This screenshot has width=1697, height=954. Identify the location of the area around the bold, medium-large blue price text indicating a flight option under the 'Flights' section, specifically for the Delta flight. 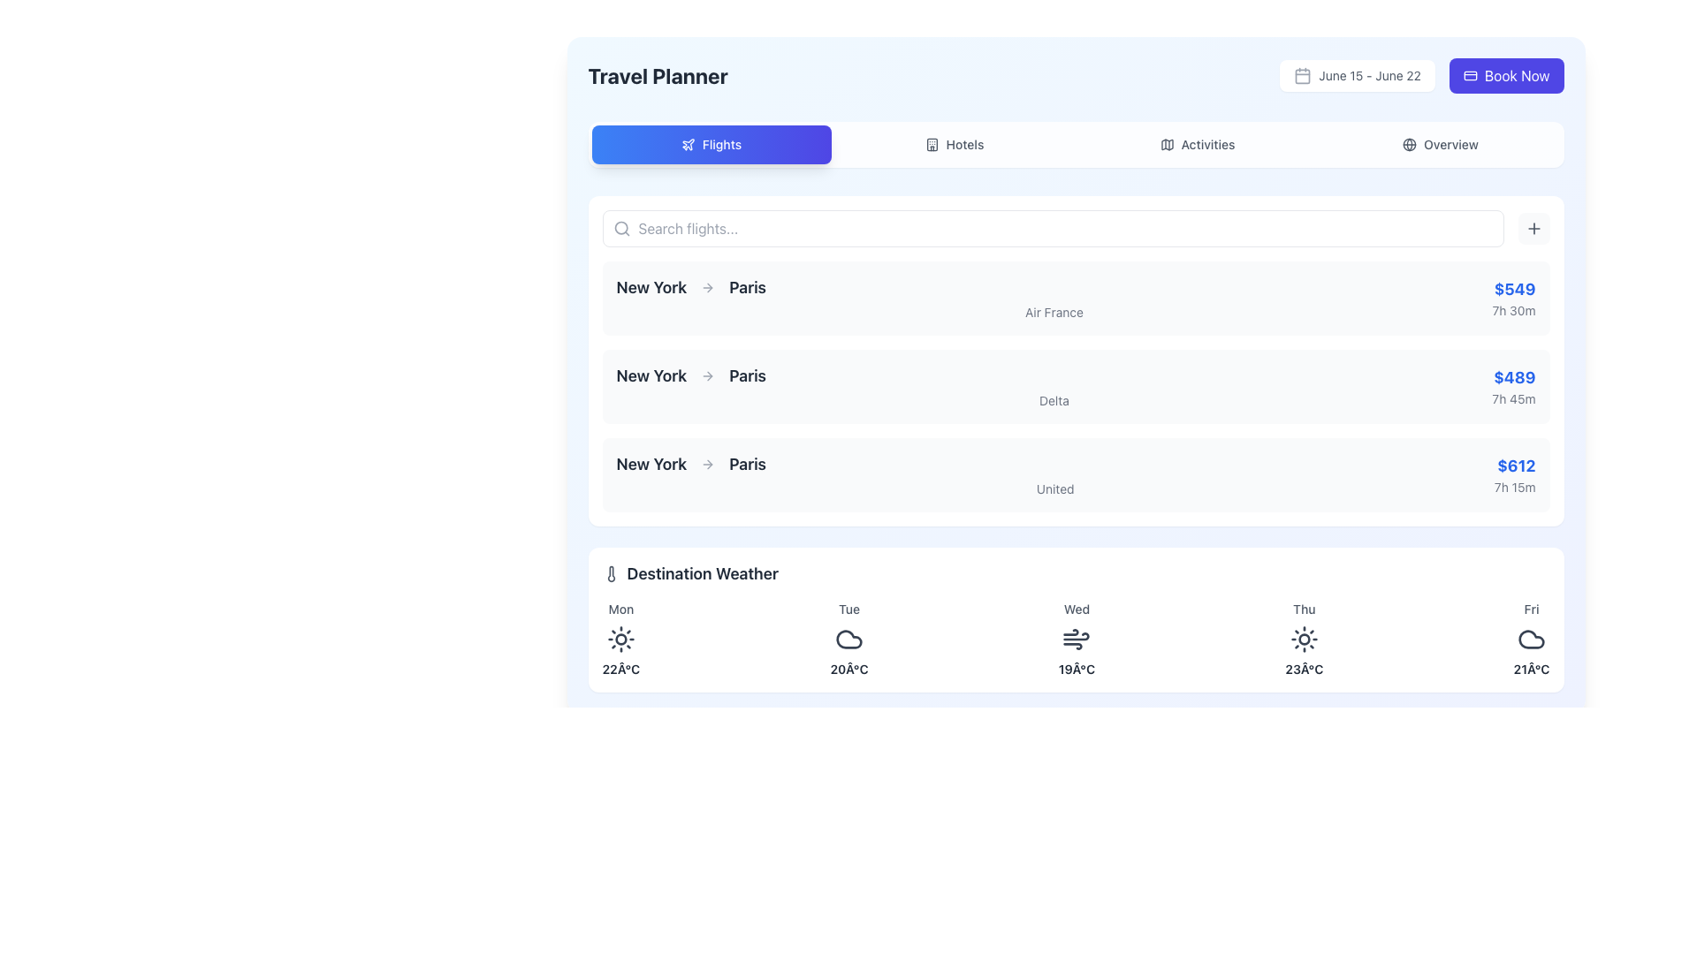
(1513, 377).